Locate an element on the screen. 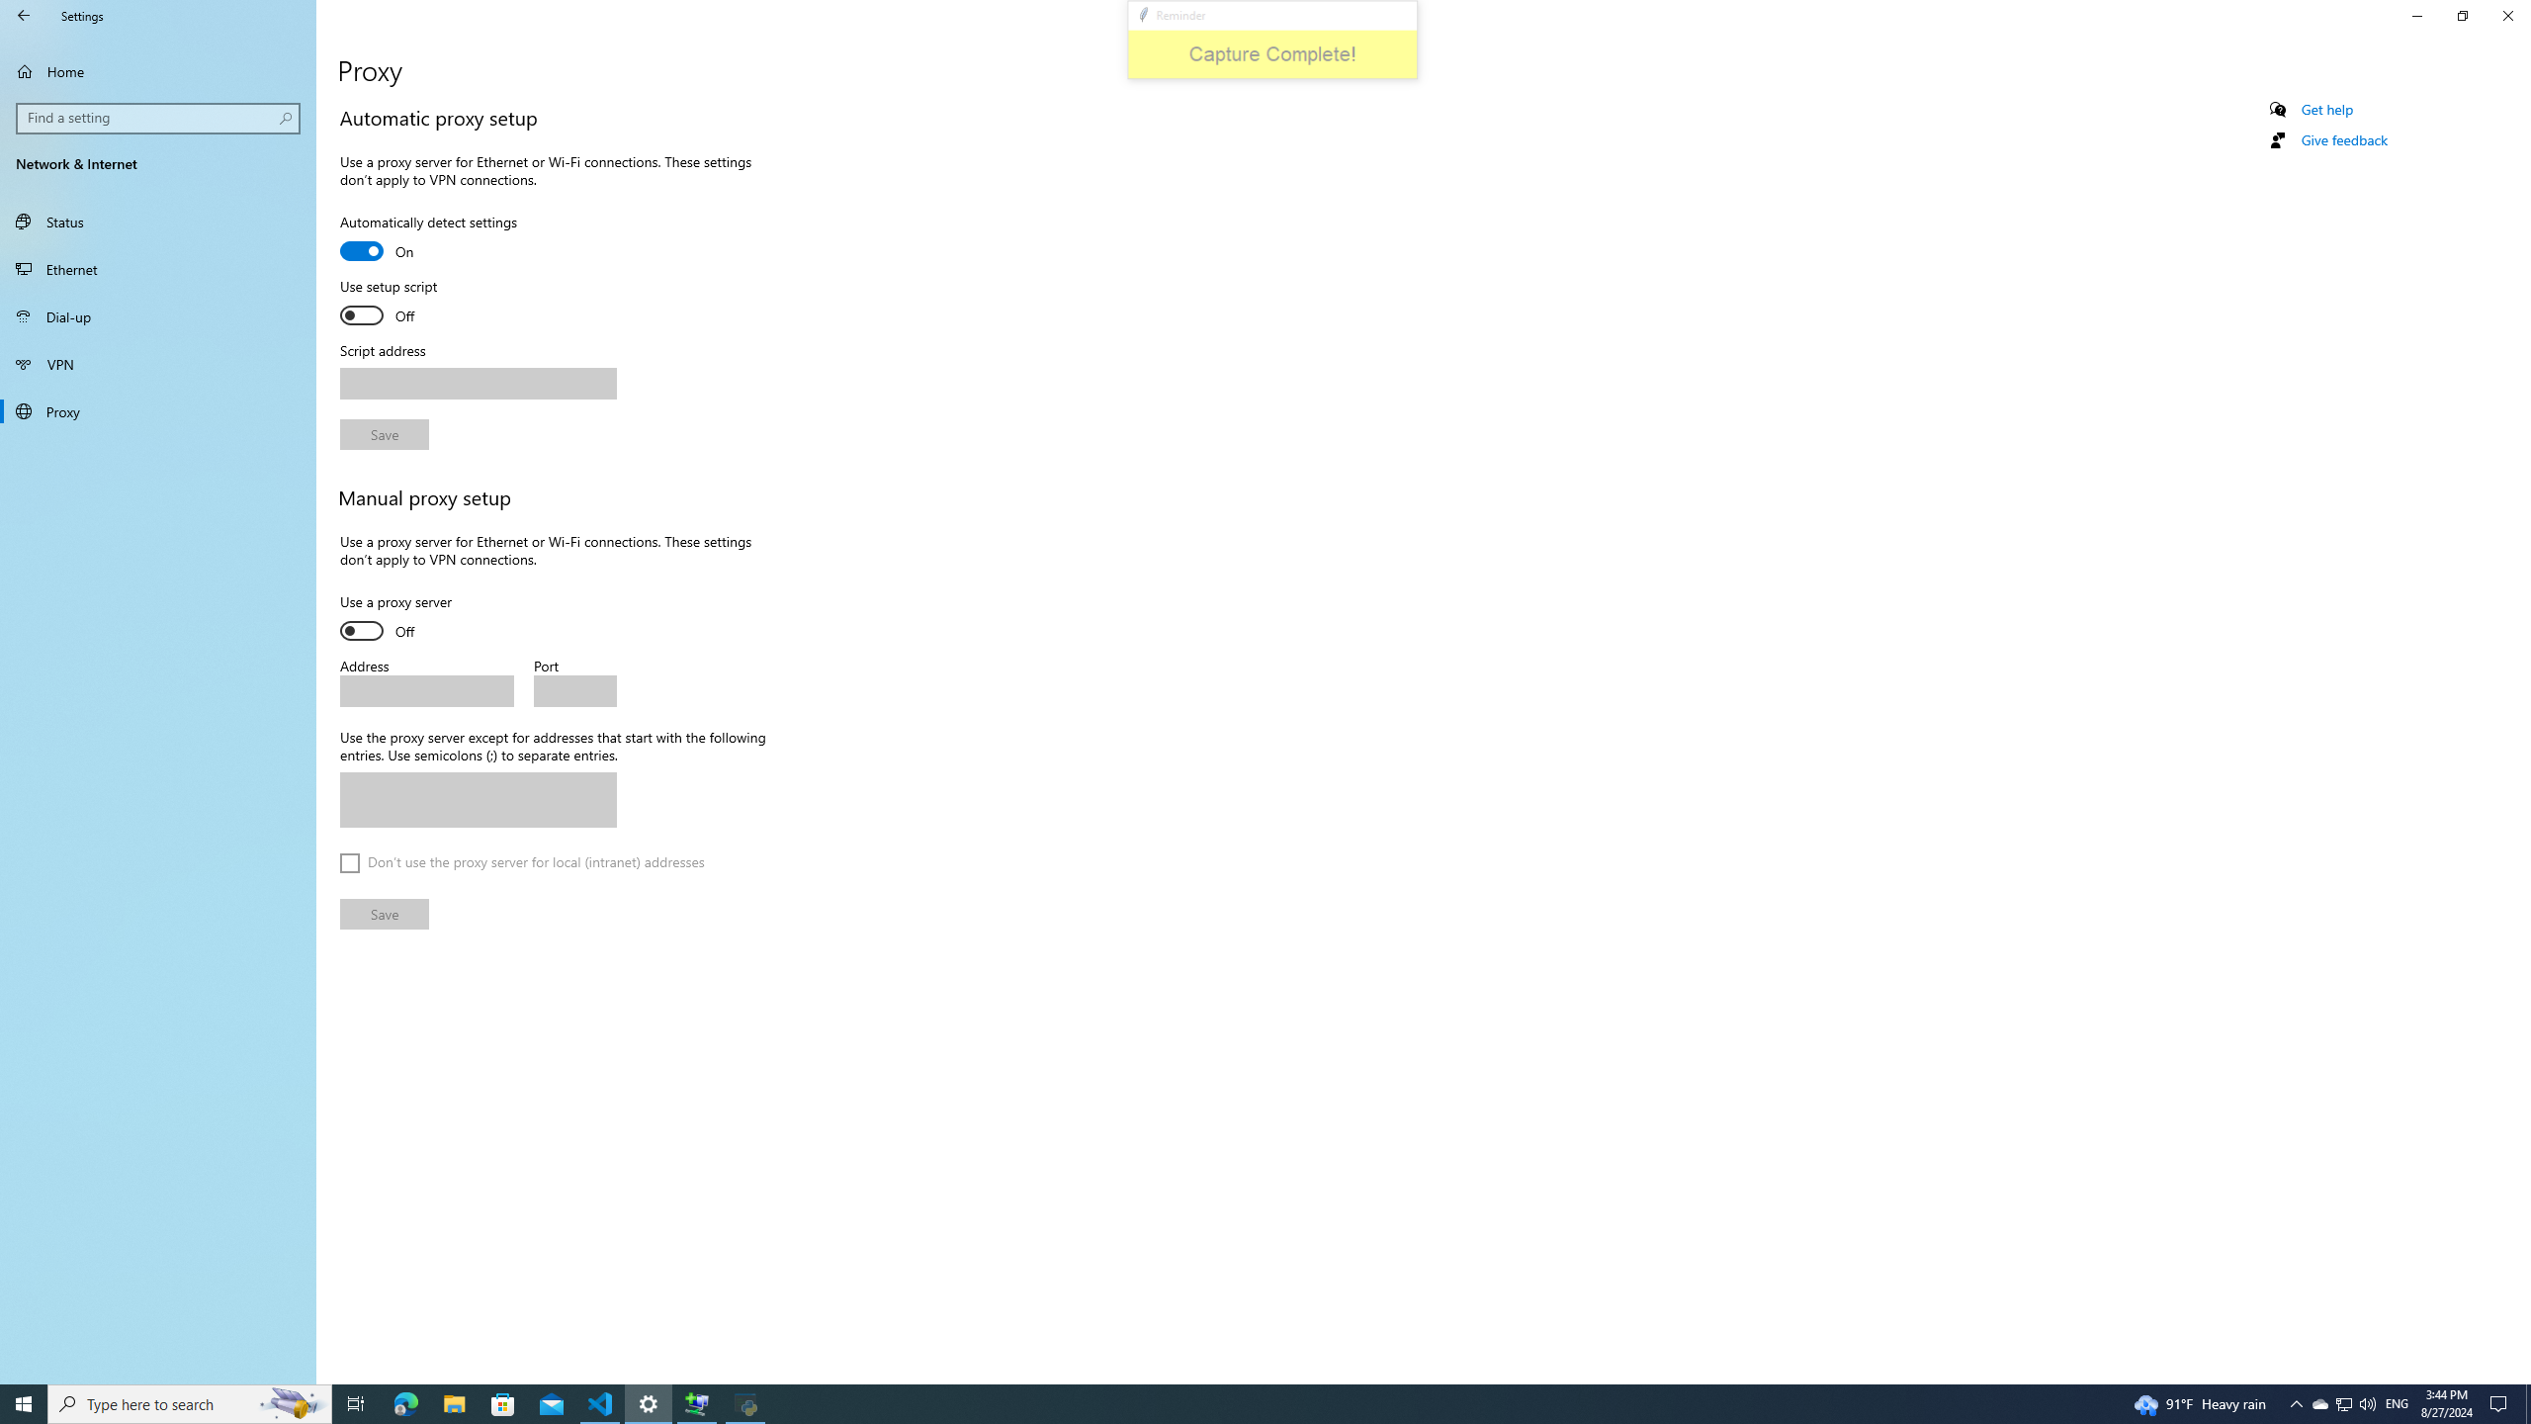 The image size is (2531, 1424). 'Search box, Find a setting' is located at coordinates (158, 117).